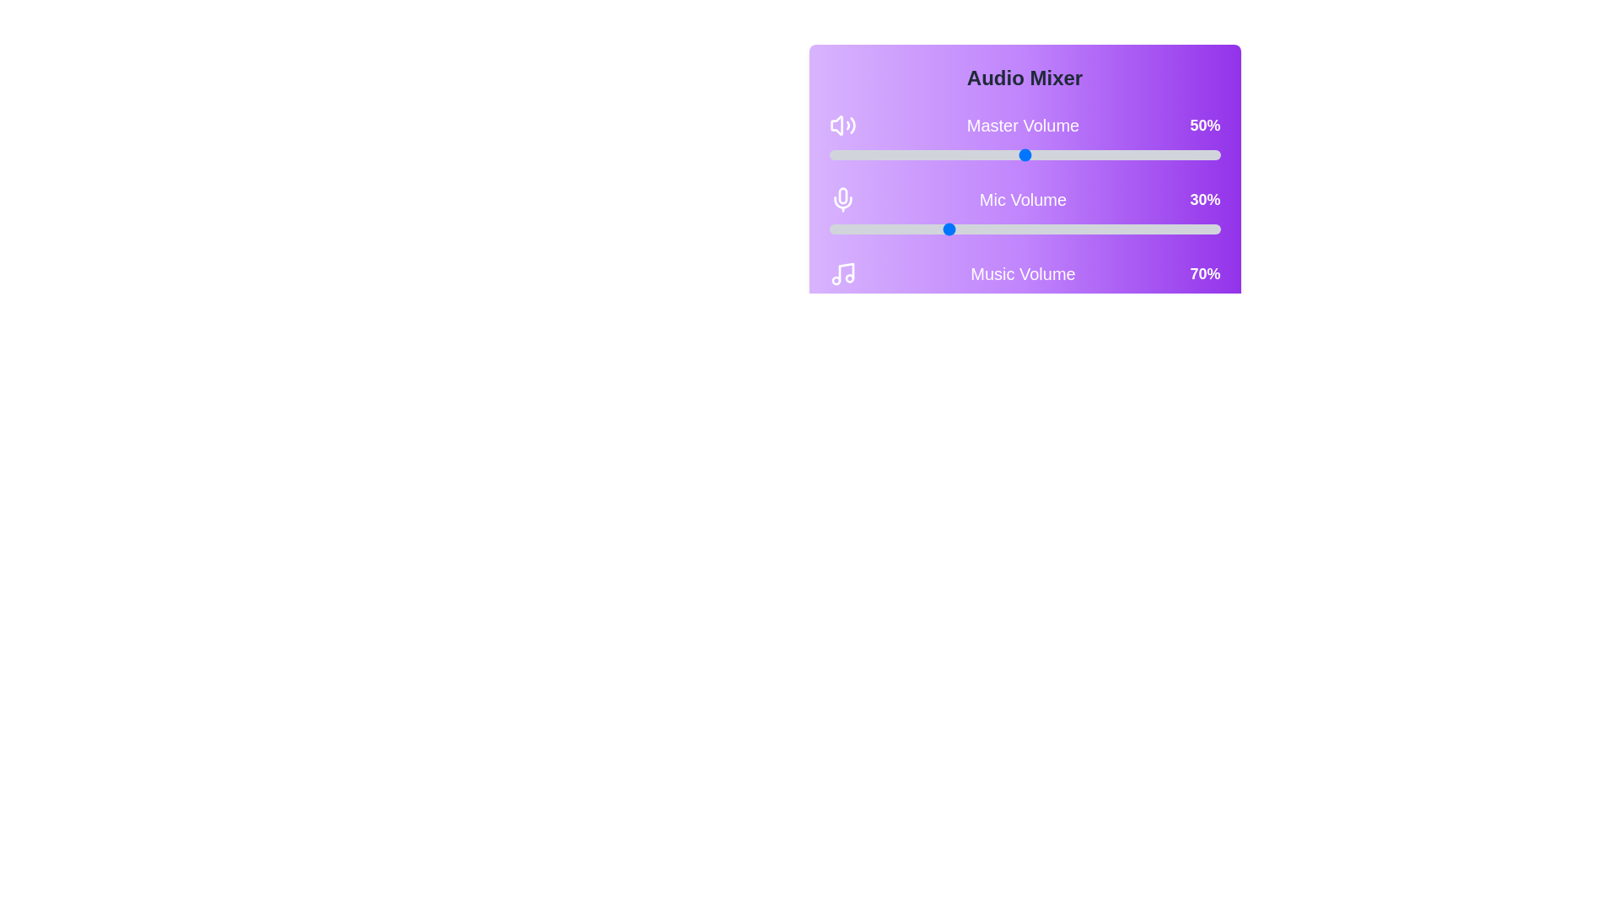 Image resolution: width=1619 pixels, height=911 pixels. What do you see at coordinates (845, 155) in the screenshot?
I see `the Master Volume slider` at bounding box center [845, 155].